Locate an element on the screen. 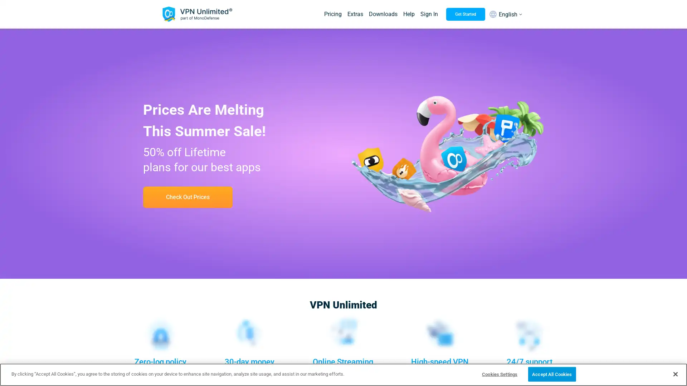  Cookies Settings is located at coordinates (499, 373).